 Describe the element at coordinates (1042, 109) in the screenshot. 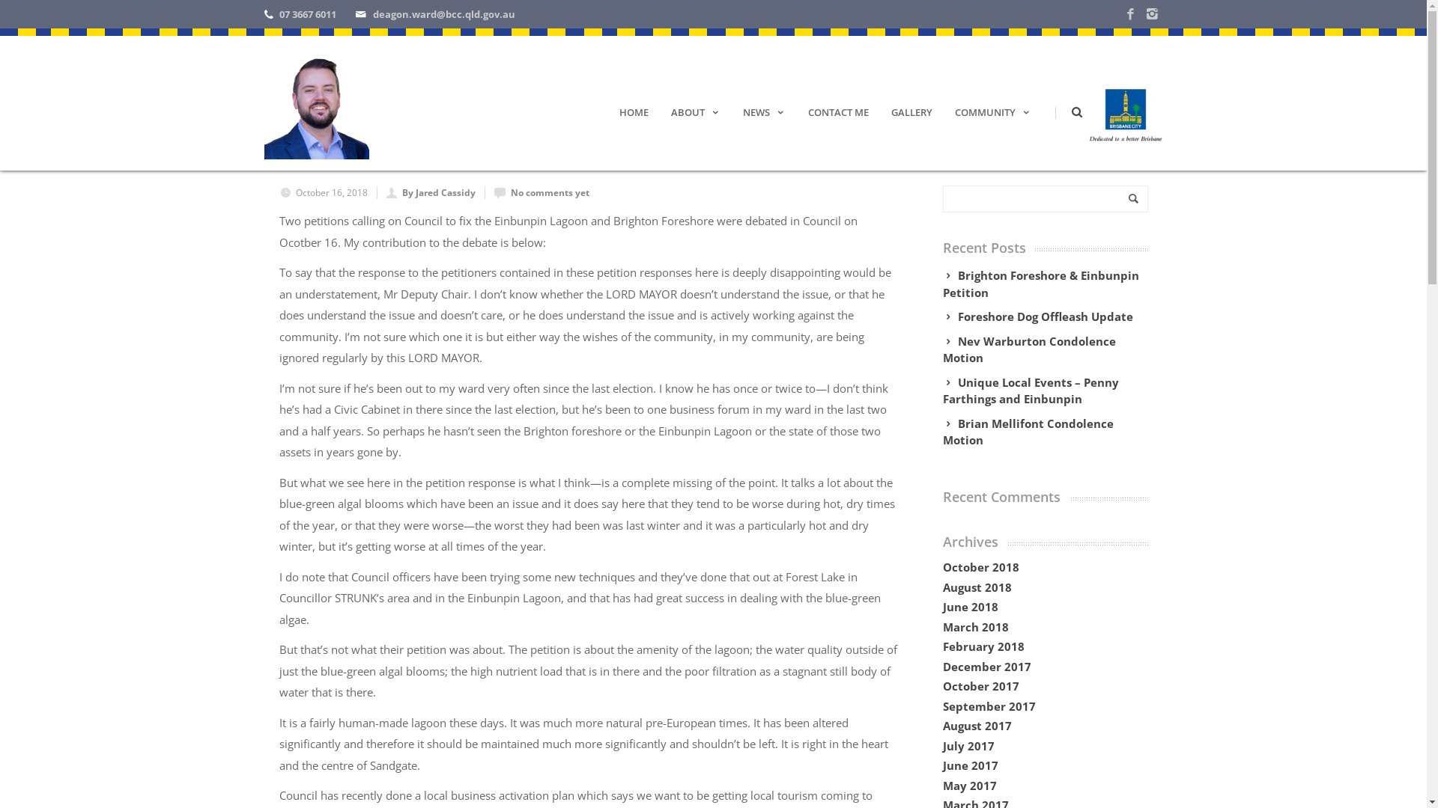

I see `'|'` at that location.